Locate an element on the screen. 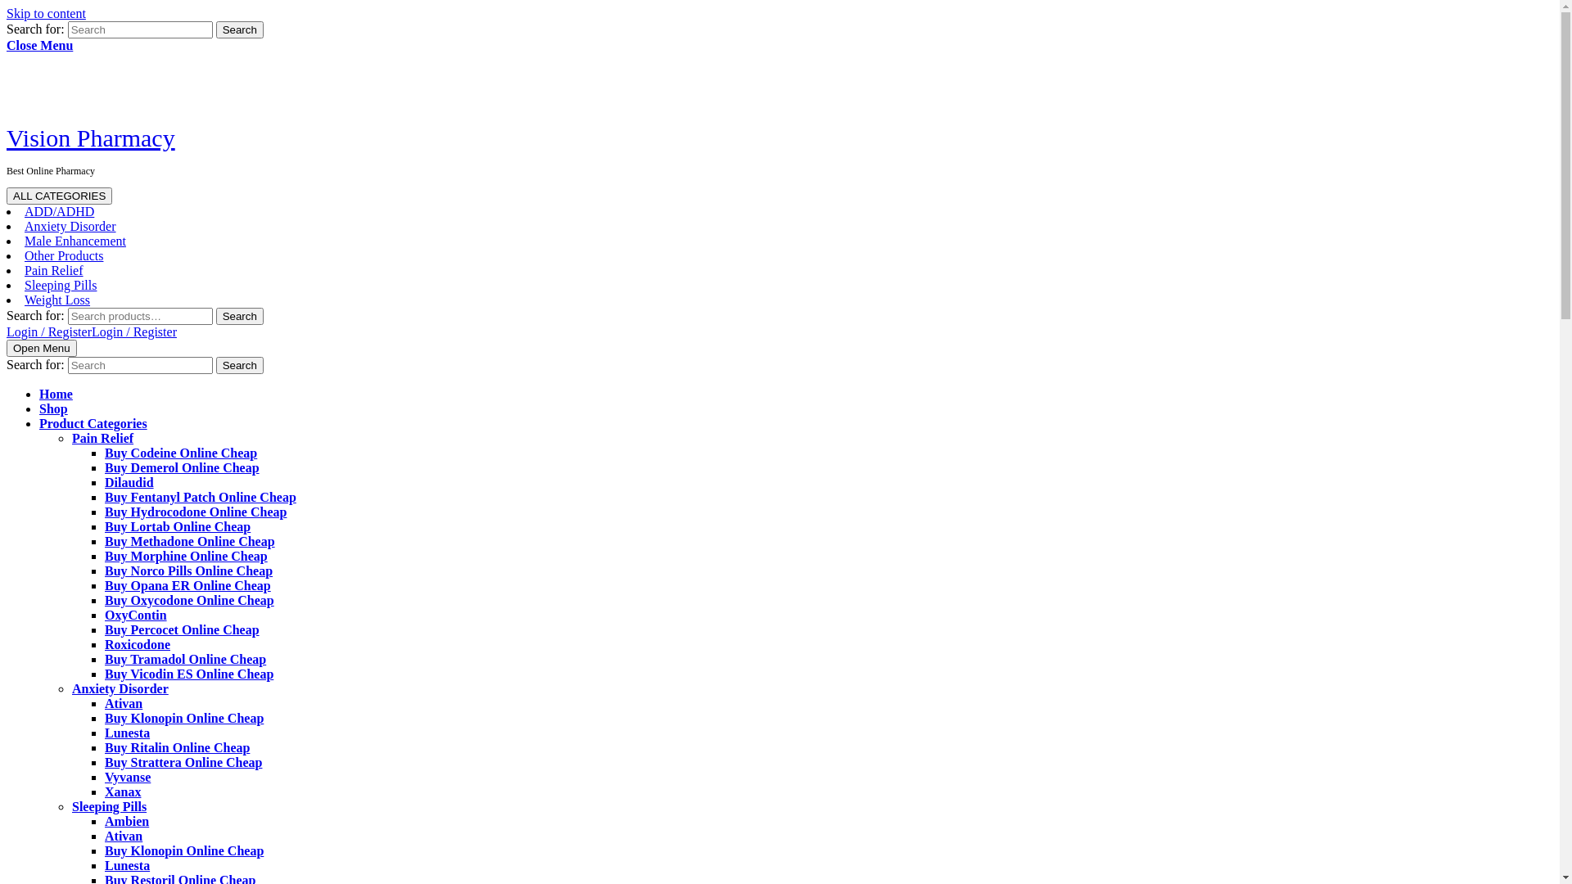 This screenshot has height=884, width=1572. 'Open Menu' is located at coordinates (42, 347).